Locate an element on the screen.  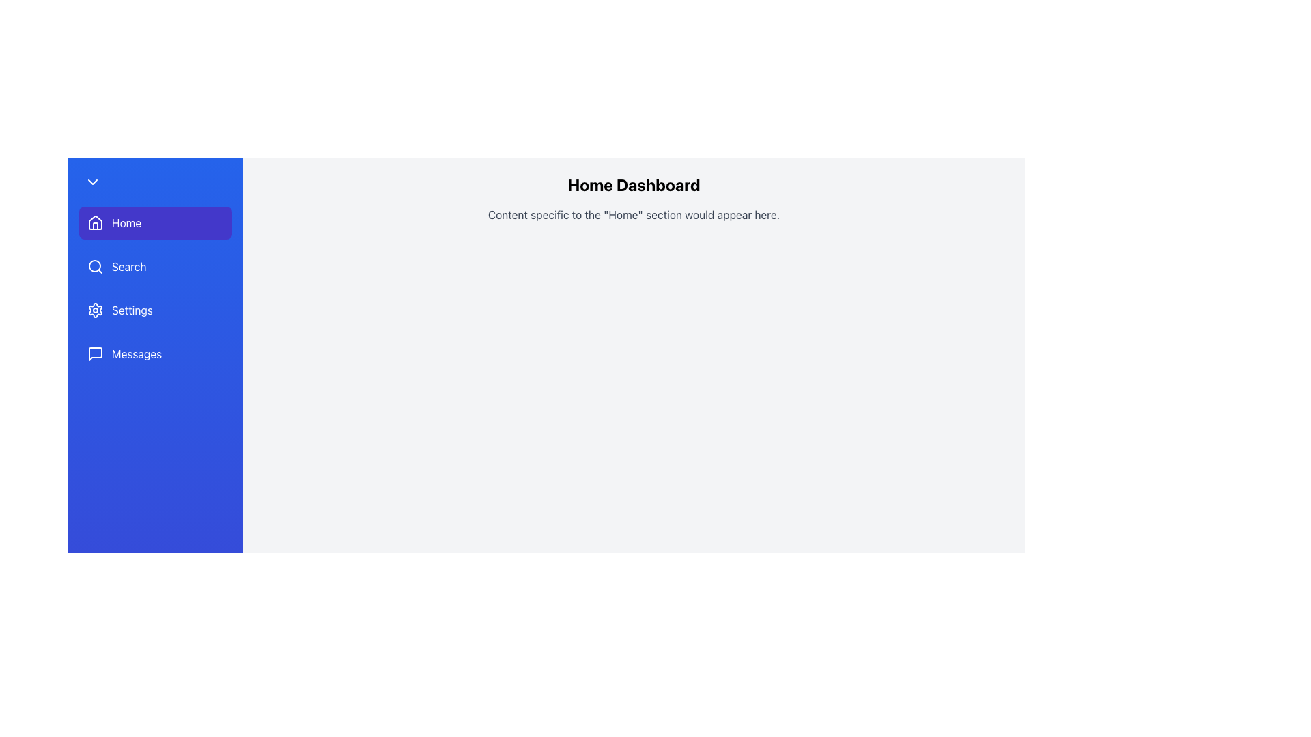
the search icon located in the navigation bar, which is the first element inside the 'Search' button, positioned below the 'Home' button and above the 'Settings' button is located at coordinates (94, 266).